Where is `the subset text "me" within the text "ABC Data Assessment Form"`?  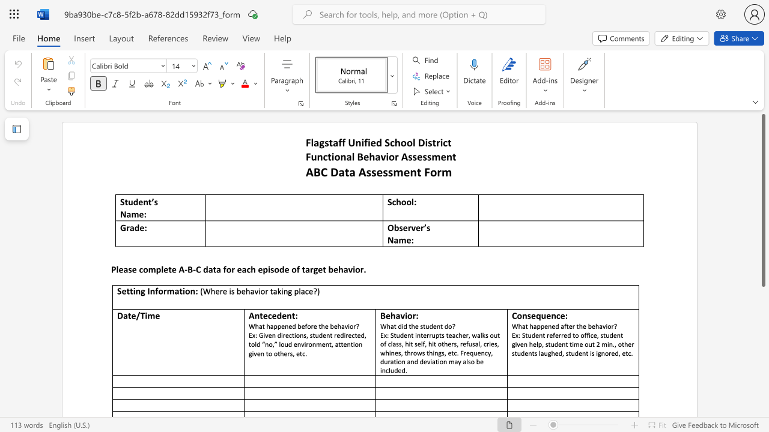
the subset text "me" within the text "ABC Data Assessment Form" is located at coordinates (393, 172).